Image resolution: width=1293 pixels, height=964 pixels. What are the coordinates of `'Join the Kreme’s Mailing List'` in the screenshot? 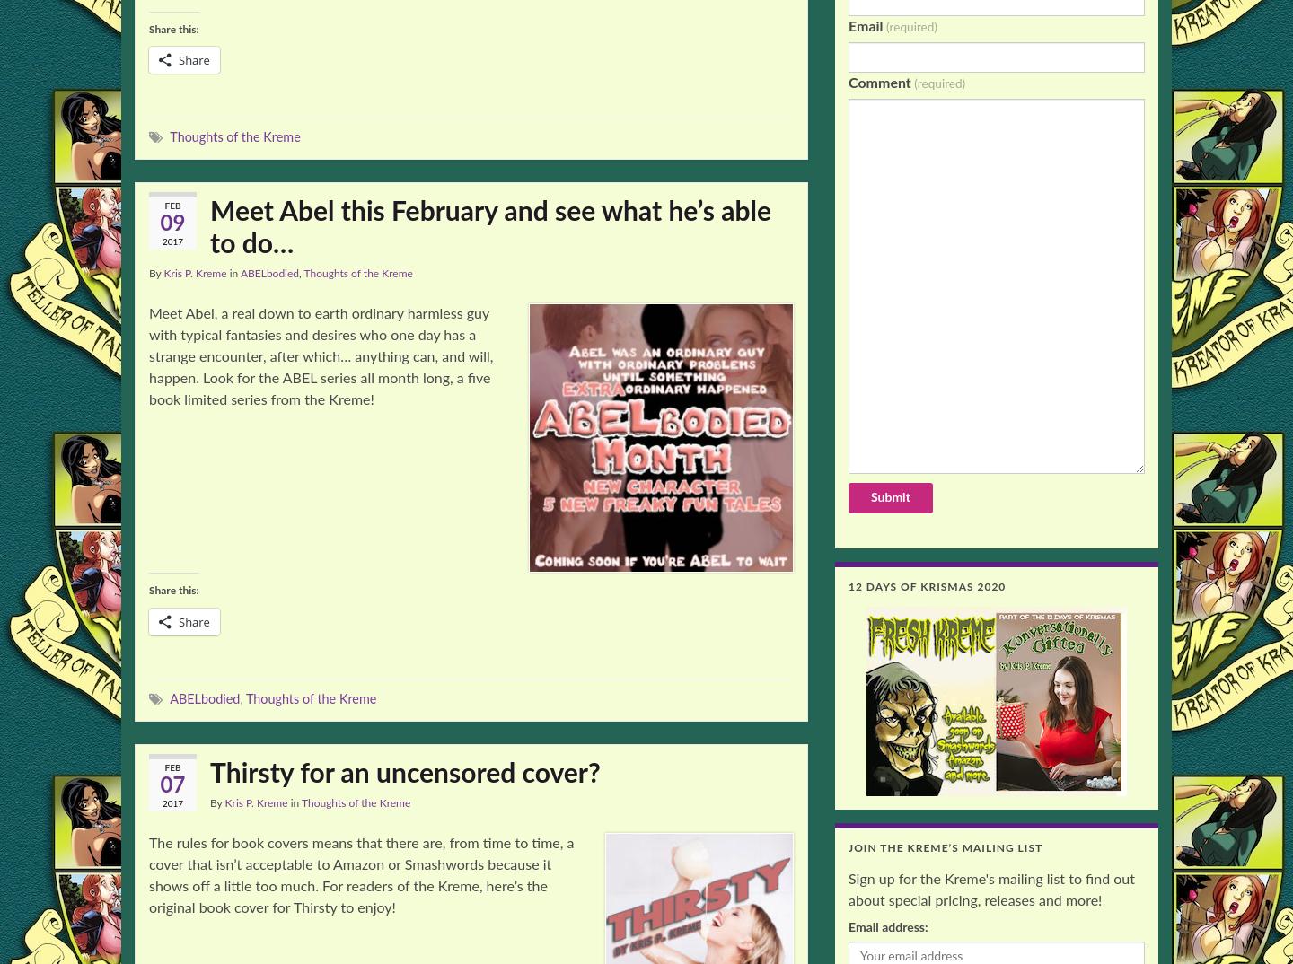 It's located at (945, 848).